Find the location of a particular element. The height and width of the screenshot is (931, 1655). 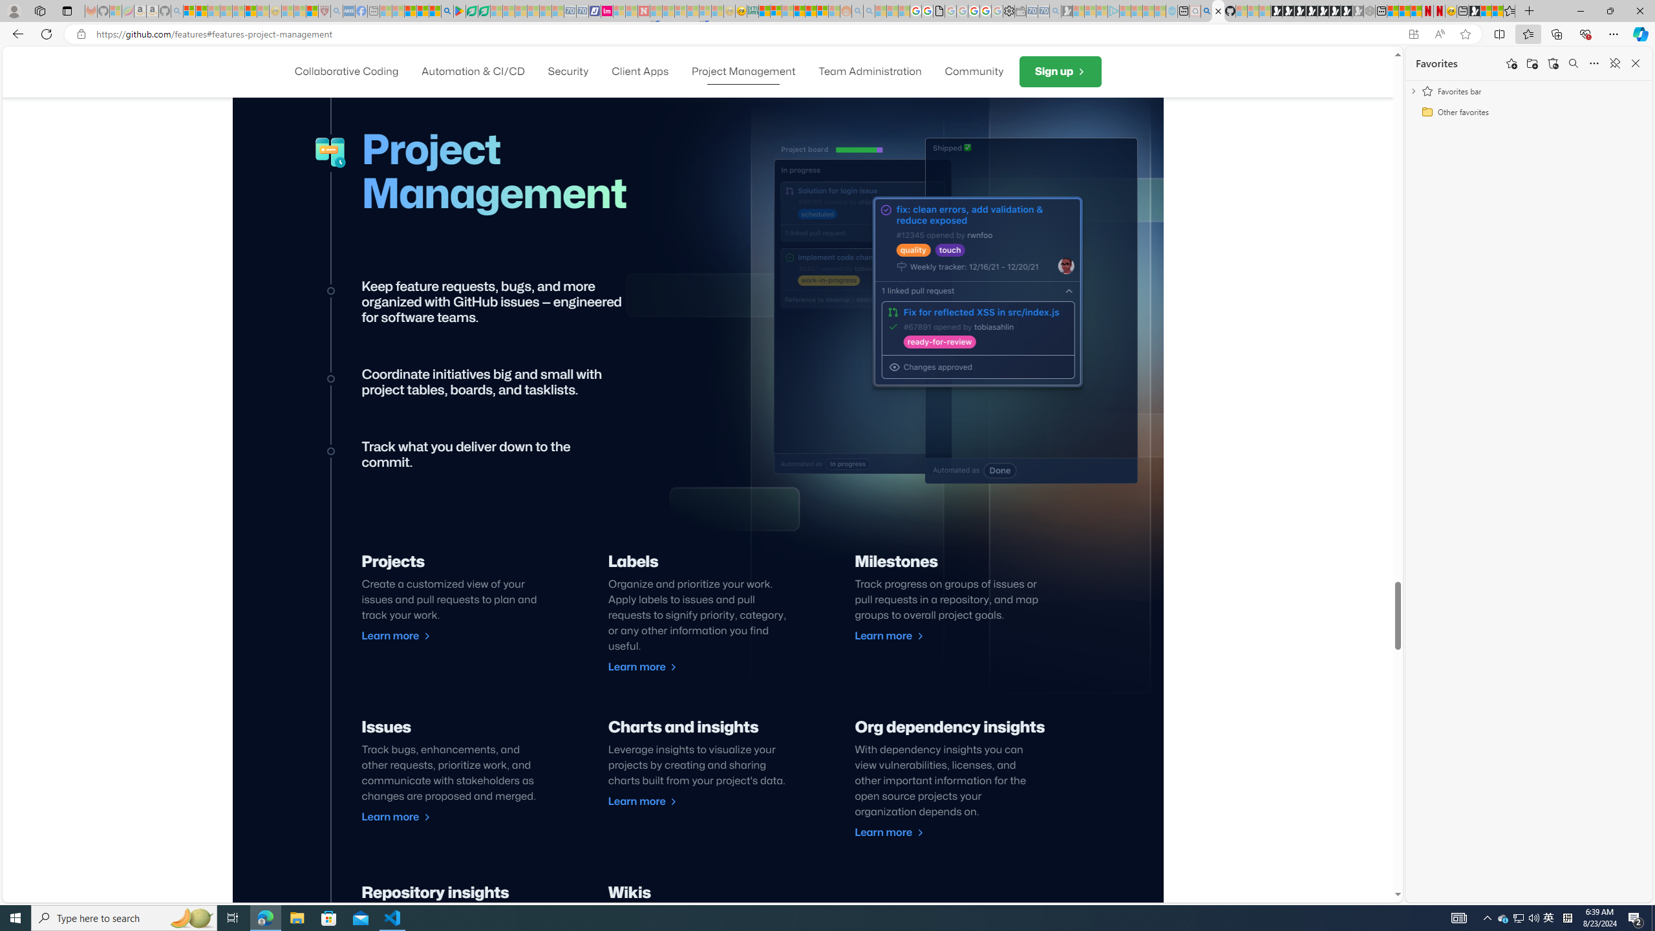

'Terms of Use Agreement' is located at coordinates (471, 10).